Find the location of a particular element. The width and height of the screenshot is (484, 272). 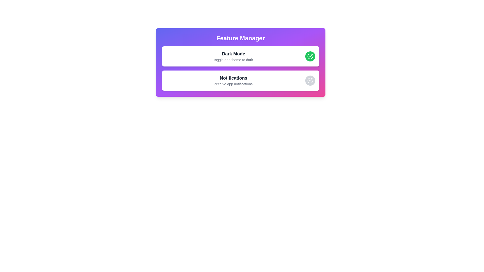

text in the Text Block that describes a feature related to app notifications, located below the 'Dark Mode' card in the interface is located at coordinates (233, 80).